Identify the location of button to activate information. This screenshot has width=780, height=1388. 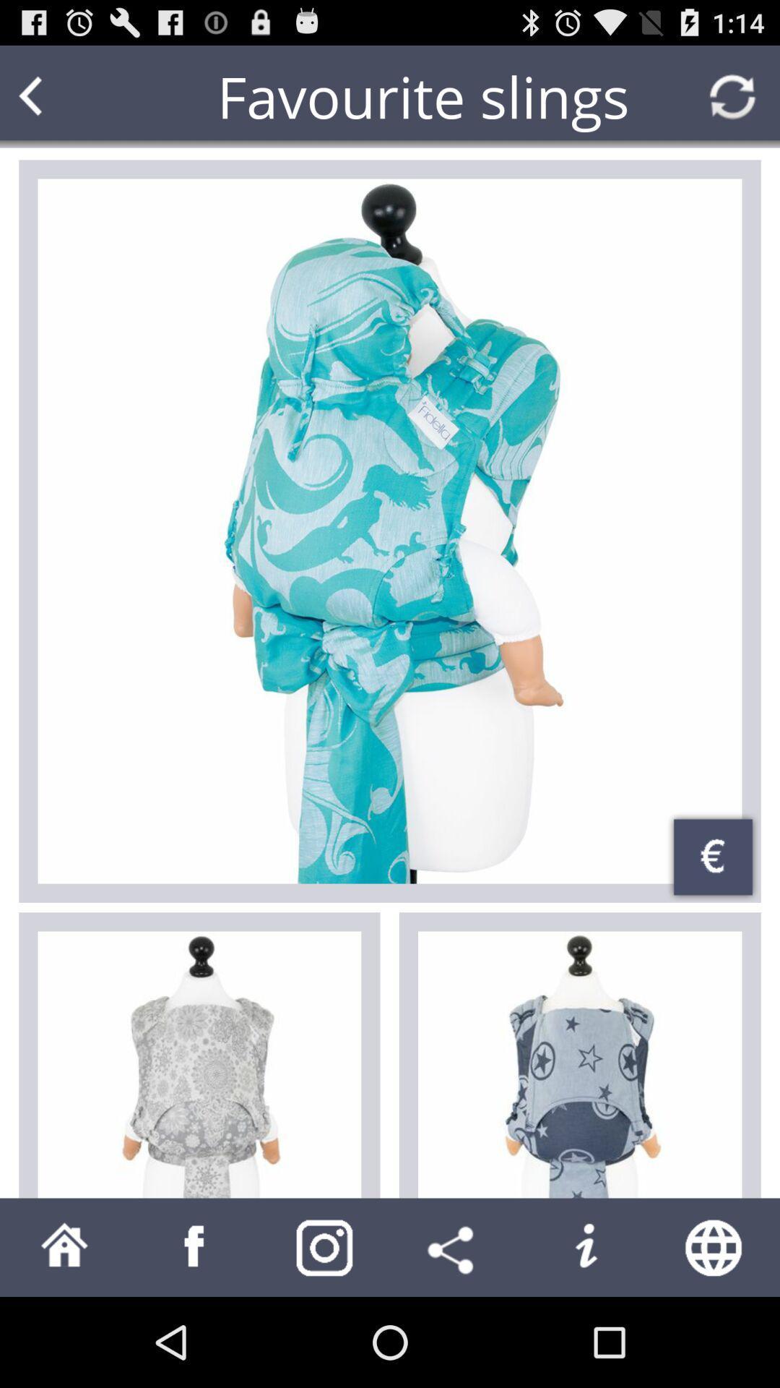
(585, 1246).